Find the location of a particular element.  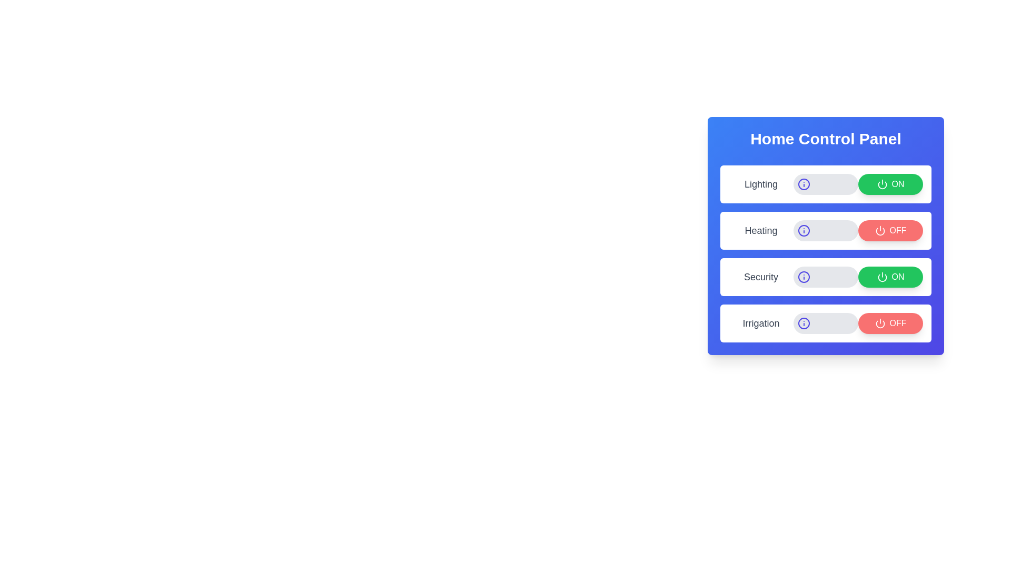

the title text of the panel to view it is located at coordinates (825, 138).